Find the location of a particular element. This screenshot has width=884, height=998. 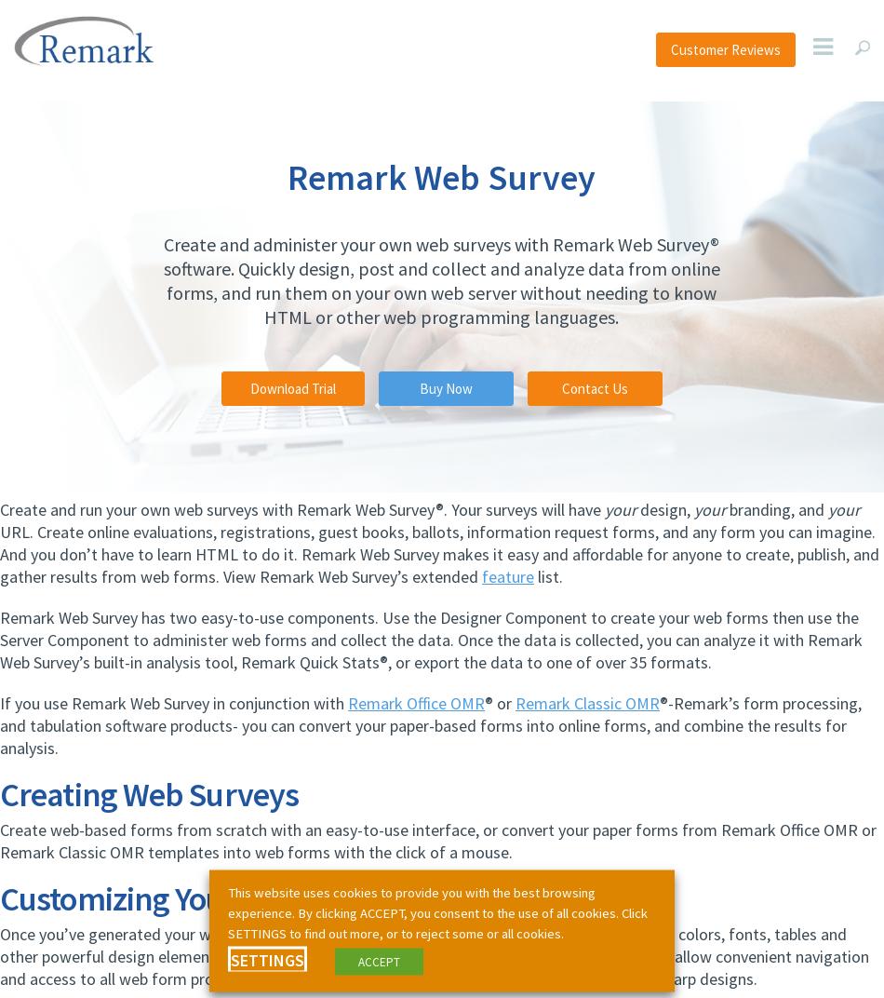

'Creating Web Surveys' is located at coordinates (149, 793).